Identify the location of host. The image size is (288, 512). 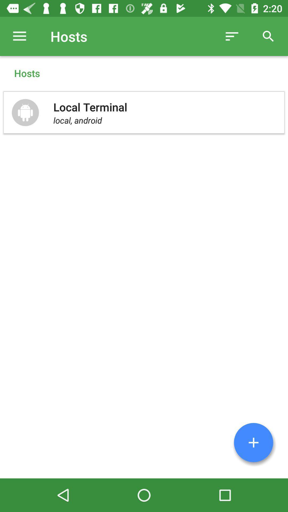
(253, 442).